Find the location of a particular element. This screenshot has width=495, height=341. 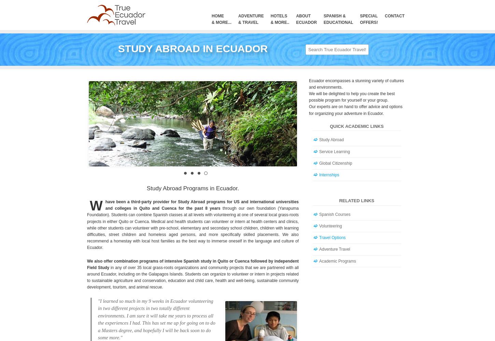

'Study Abroad' is located at coordinates (319, 140).